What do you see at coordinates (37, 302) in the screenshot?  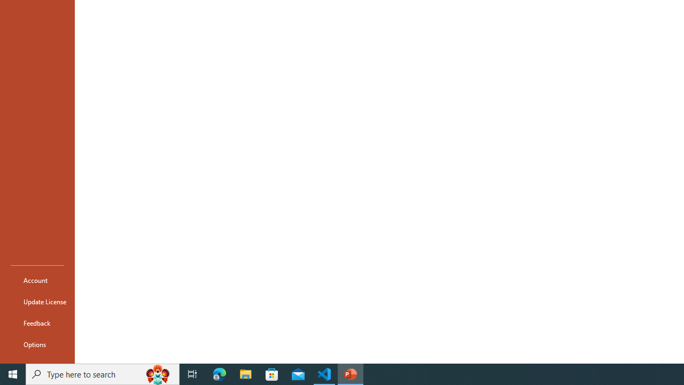 I see `'Update License'` at bounding box center [37, 302].